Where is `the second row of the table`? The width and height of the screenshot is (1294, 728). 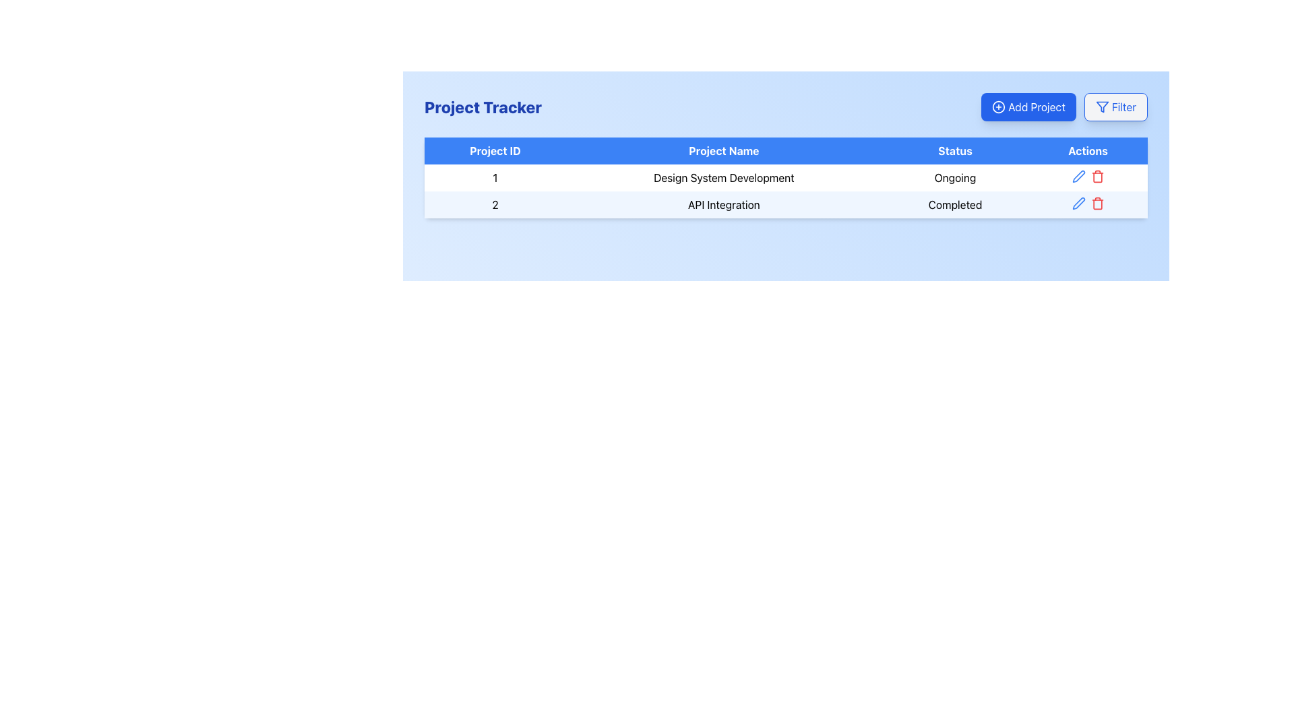
the second row of the table is located at coordinates (786, 205).